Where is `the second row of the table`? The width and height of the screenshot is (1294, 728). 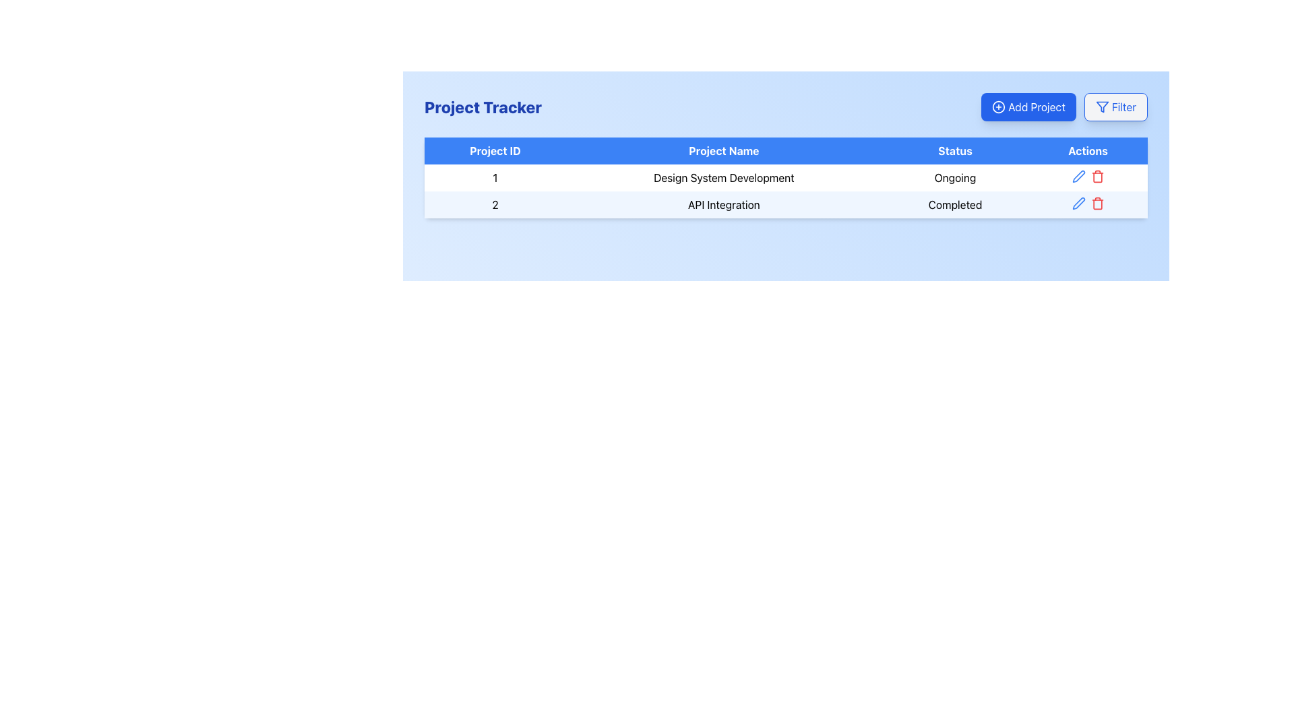
the second row of the table is located at coordinates (786, 205).